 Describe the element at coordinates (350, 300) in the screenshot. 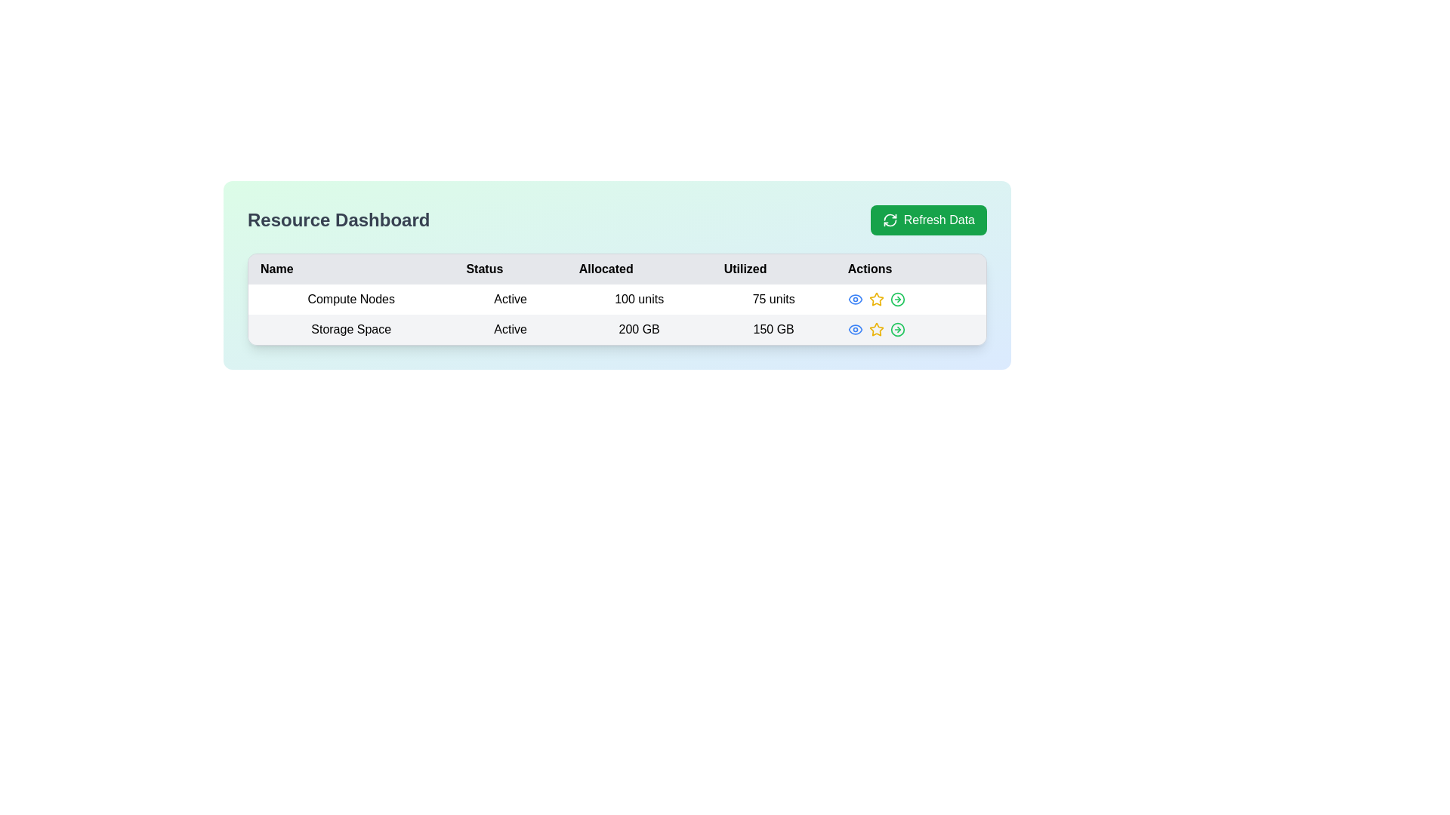

I see `the text label located at the first row and first column of the table` at that location.